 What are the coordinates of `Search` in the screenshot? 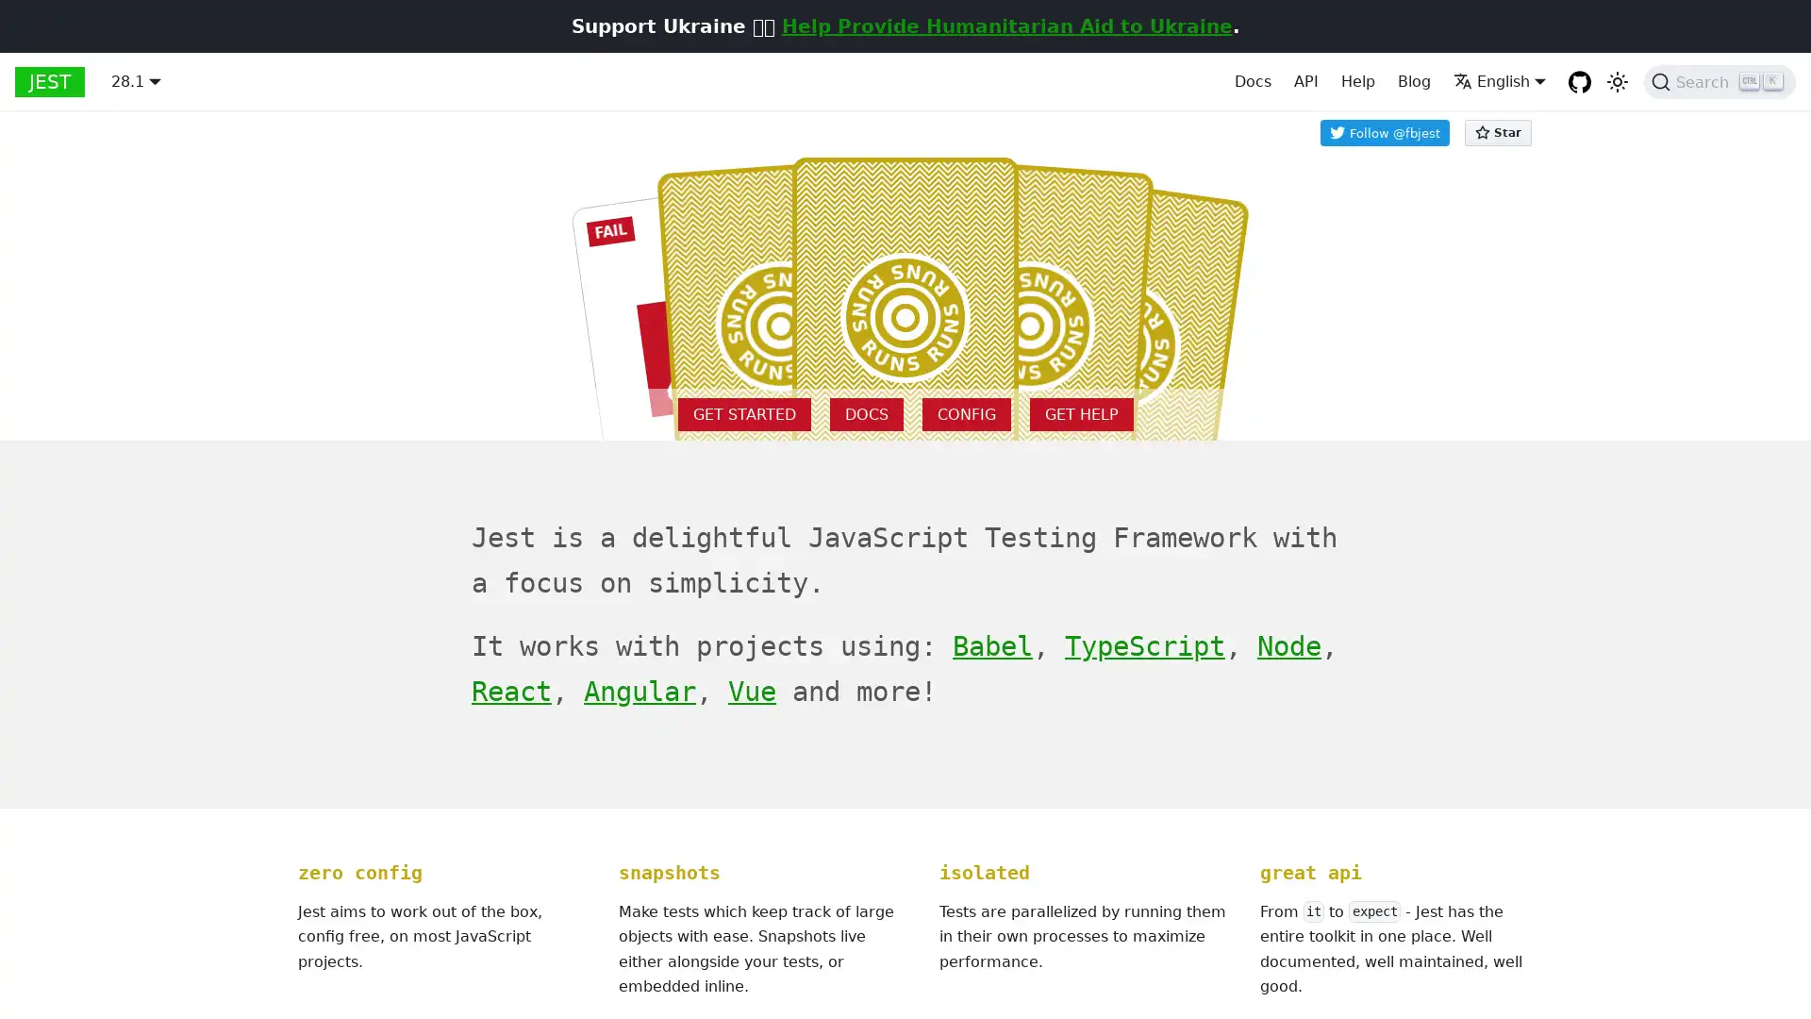 It's located at (1720, 81).